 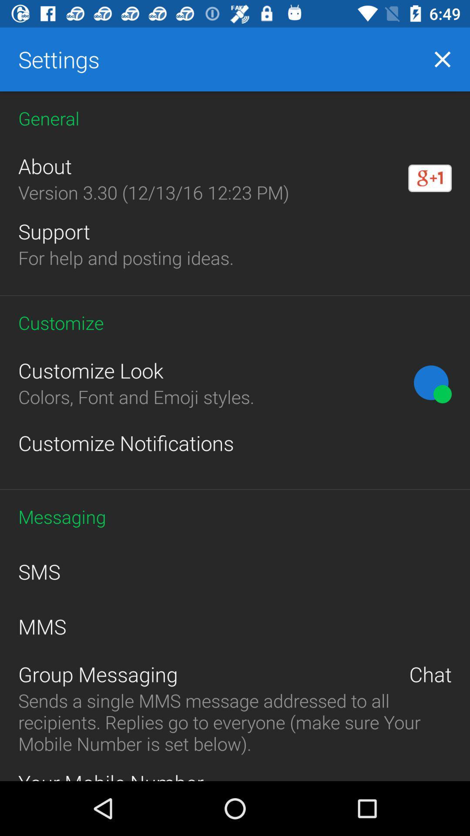 I want to click on icon to the right of the settings icon, so click(x=443, y=59).